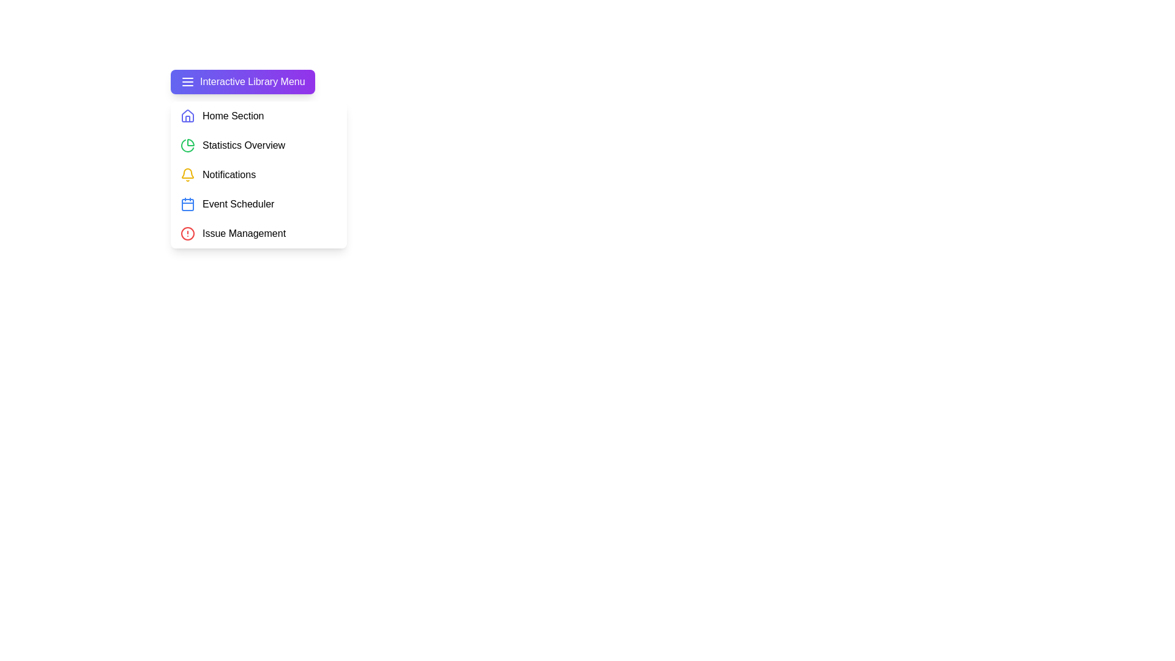  What do you see at coordinates (258, 174) in the screenshot?
I see `the menu item Notifications` at bounding box center [258, 174].